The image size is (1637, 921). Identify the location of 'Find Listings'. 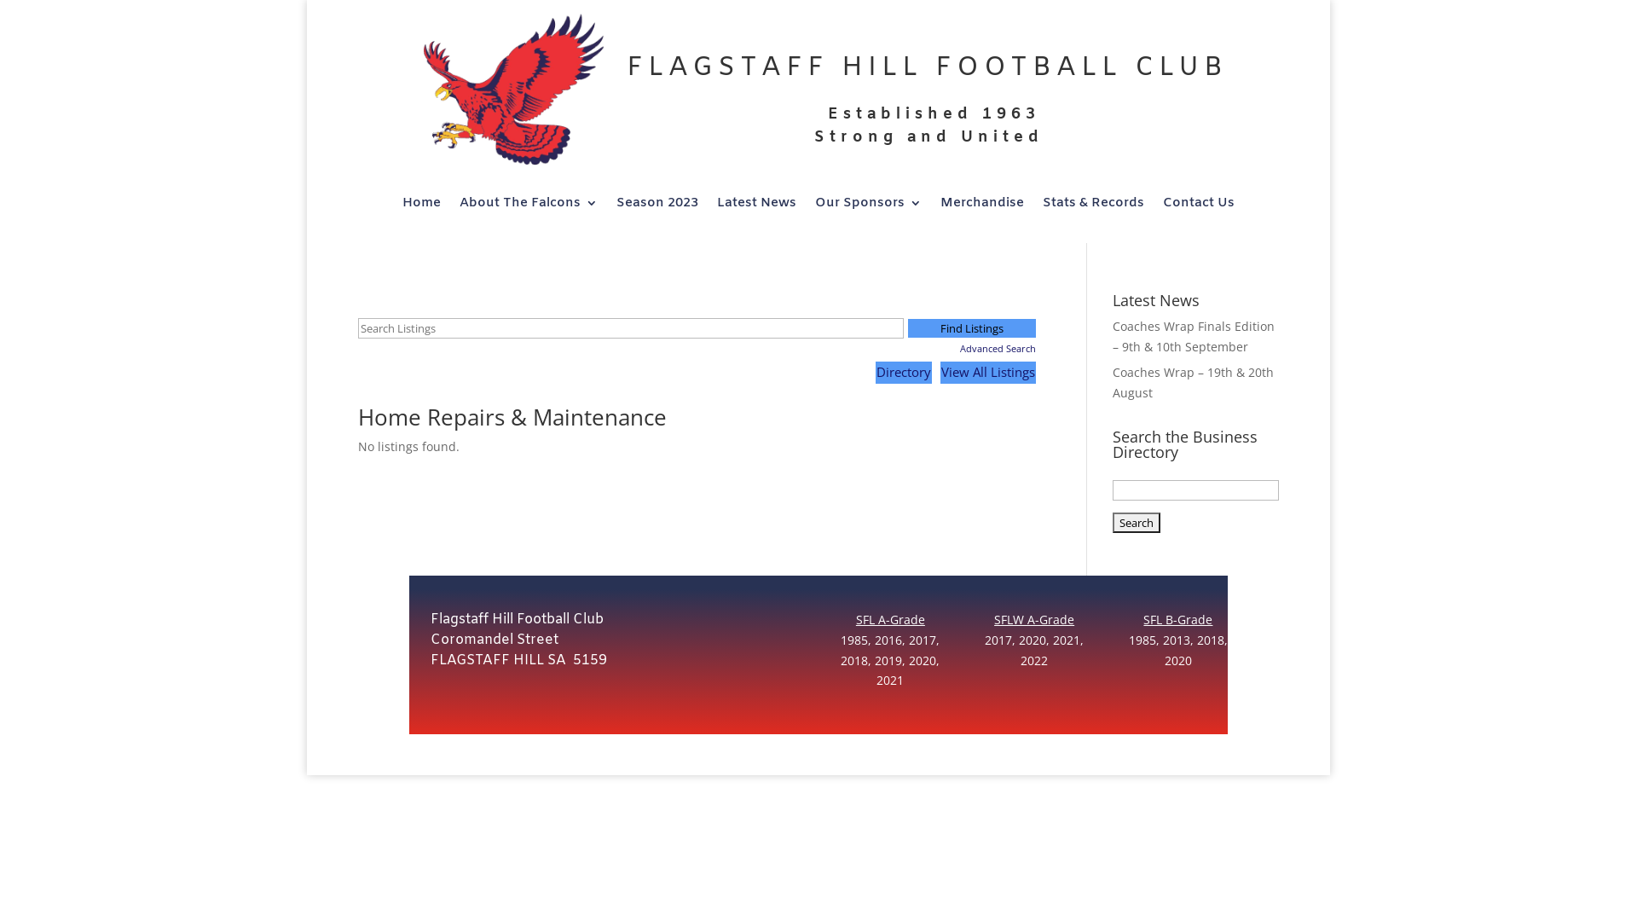
(907, 328).